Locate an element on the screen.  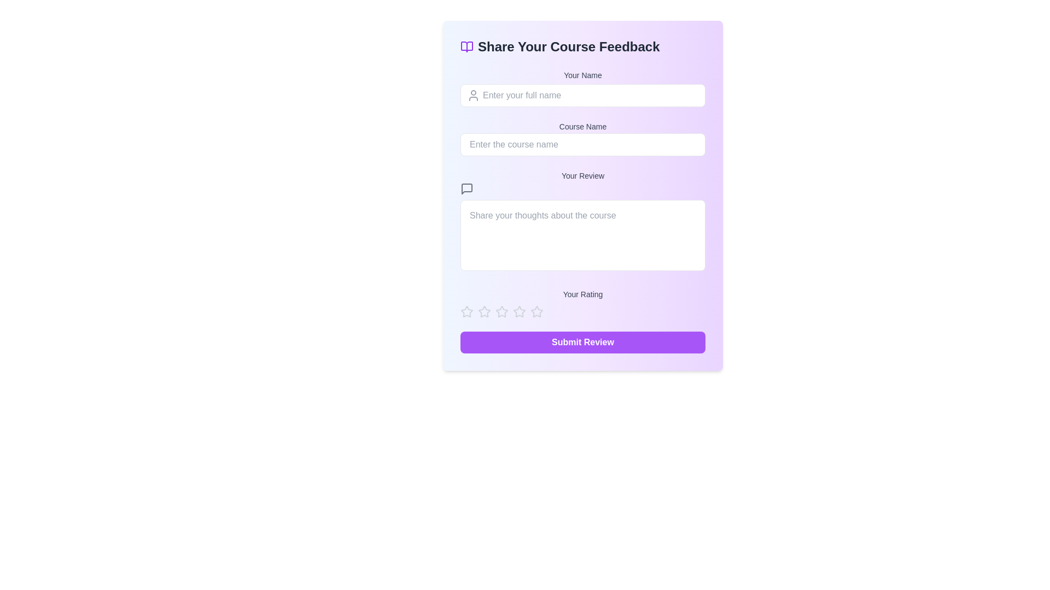
the user icon, which is a minimalist grayish circle and semi-oval located to the left of the 'Enter your full name' text input box is located at coordinates (473, 95).